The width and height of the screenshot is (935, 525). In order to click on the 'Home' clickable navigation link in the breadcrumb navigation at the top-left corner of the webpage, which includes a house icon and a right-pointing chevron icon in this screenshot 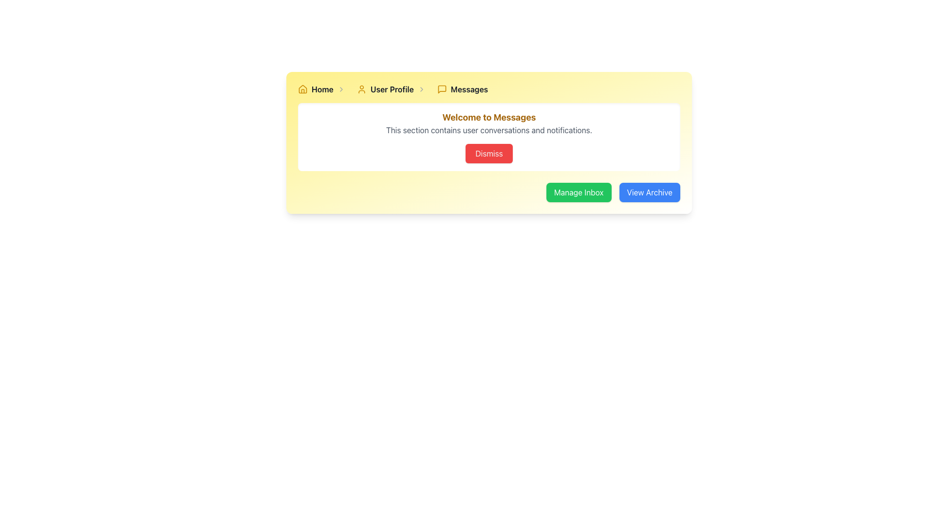, I will do `click(323, 89)`.